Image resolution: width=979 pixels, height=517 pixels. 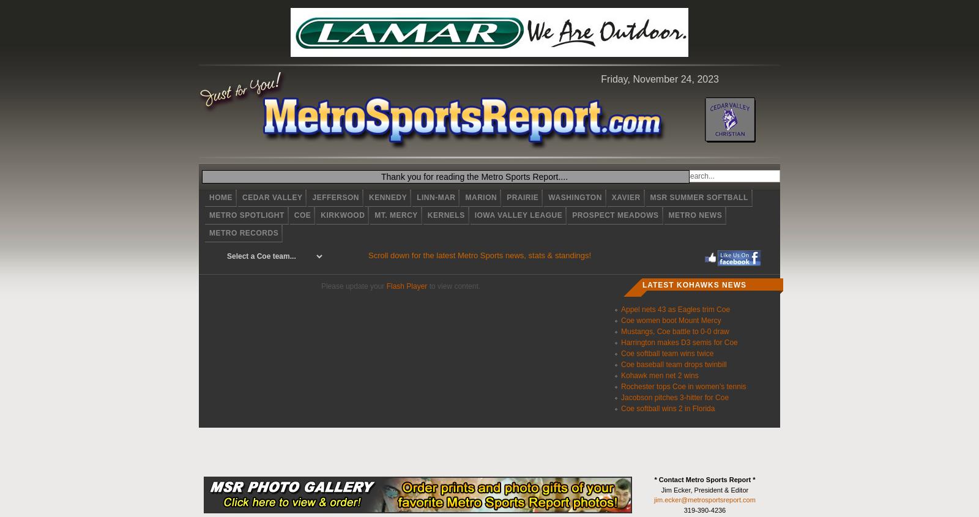 What do you see at coordinates (625, 197) in the screenshot?
I see `'Xavier'` at bounding box center [625, 197].